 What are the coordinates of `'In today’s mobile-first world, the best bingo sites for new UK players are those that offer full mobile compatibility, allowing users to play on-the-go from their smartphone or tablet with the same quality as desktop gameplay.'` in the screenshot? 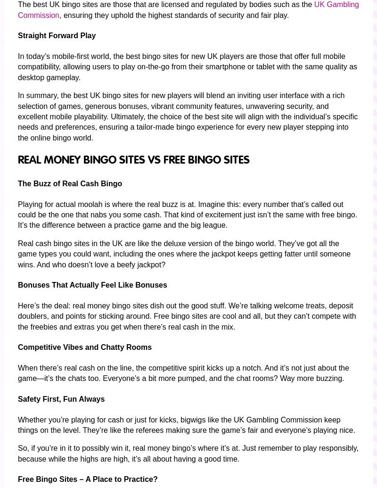 It's located at (187, 66).